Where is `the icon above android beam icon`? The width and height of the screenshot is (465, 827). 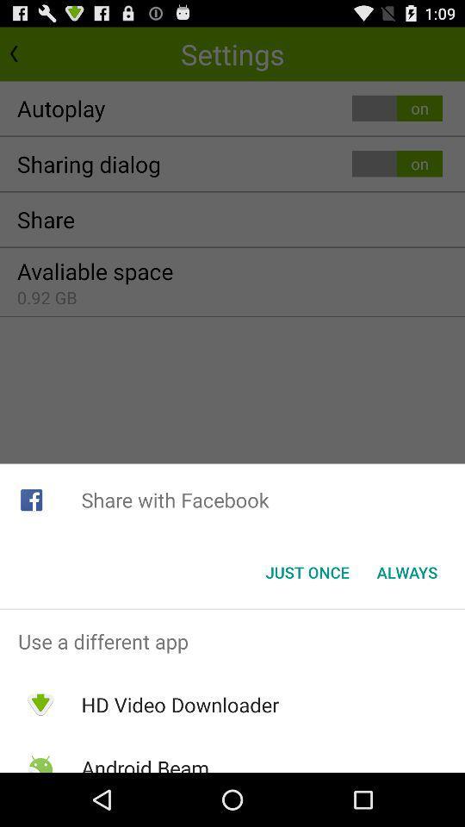
the icon above android beam icon is located at coordinates (179, 705).